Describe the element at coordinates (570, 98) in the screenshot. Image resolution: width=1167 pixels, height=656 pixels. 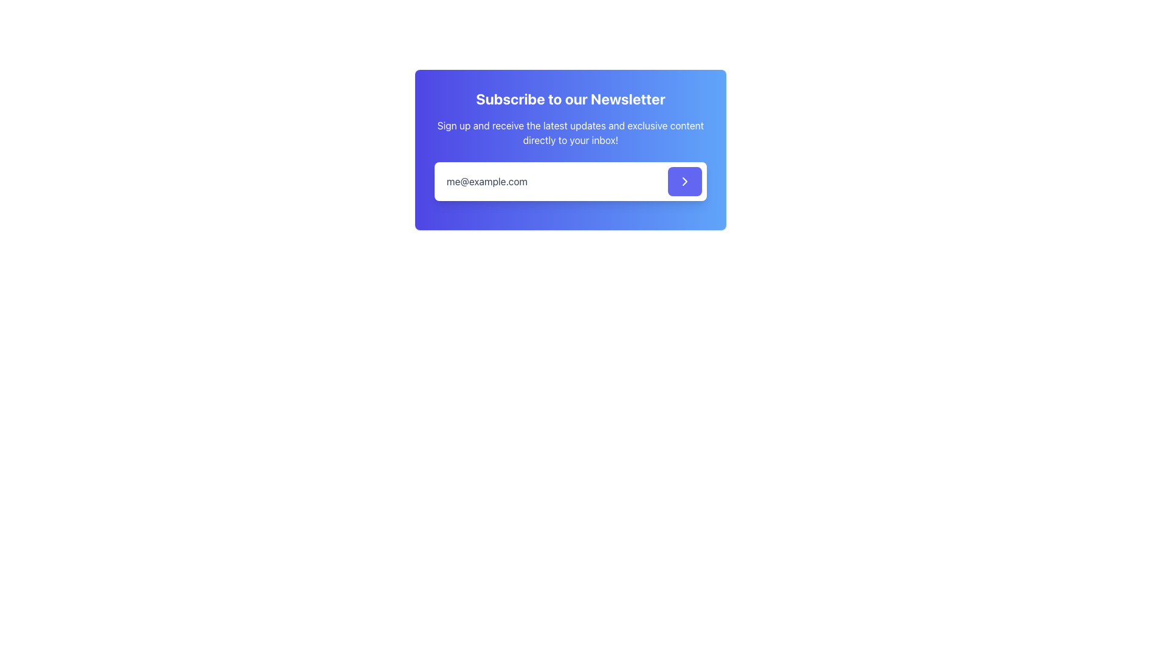
I see `the text label that reads 'Subscribe to our Newsletter' displayed in bold white font at the top of the card component with a gradient blue background` at that location.